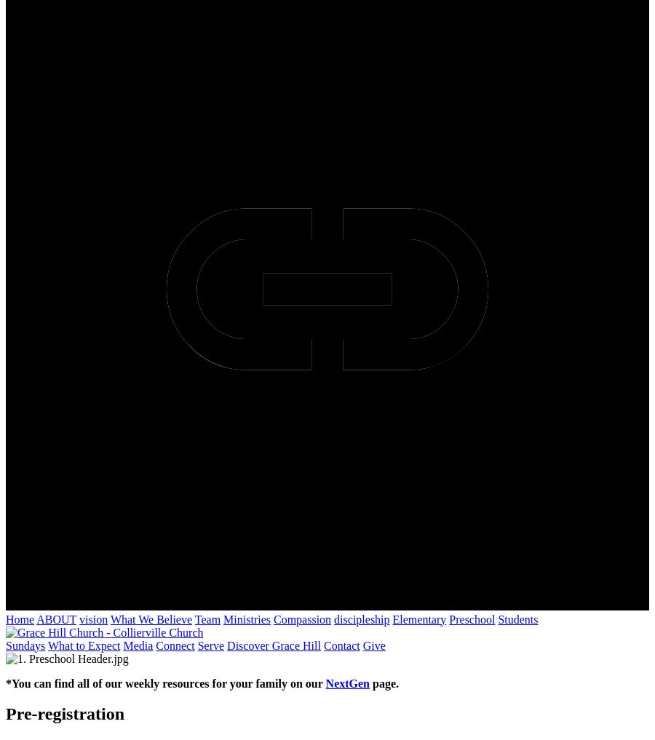  I want to click on 'Team', so click(207, 618).